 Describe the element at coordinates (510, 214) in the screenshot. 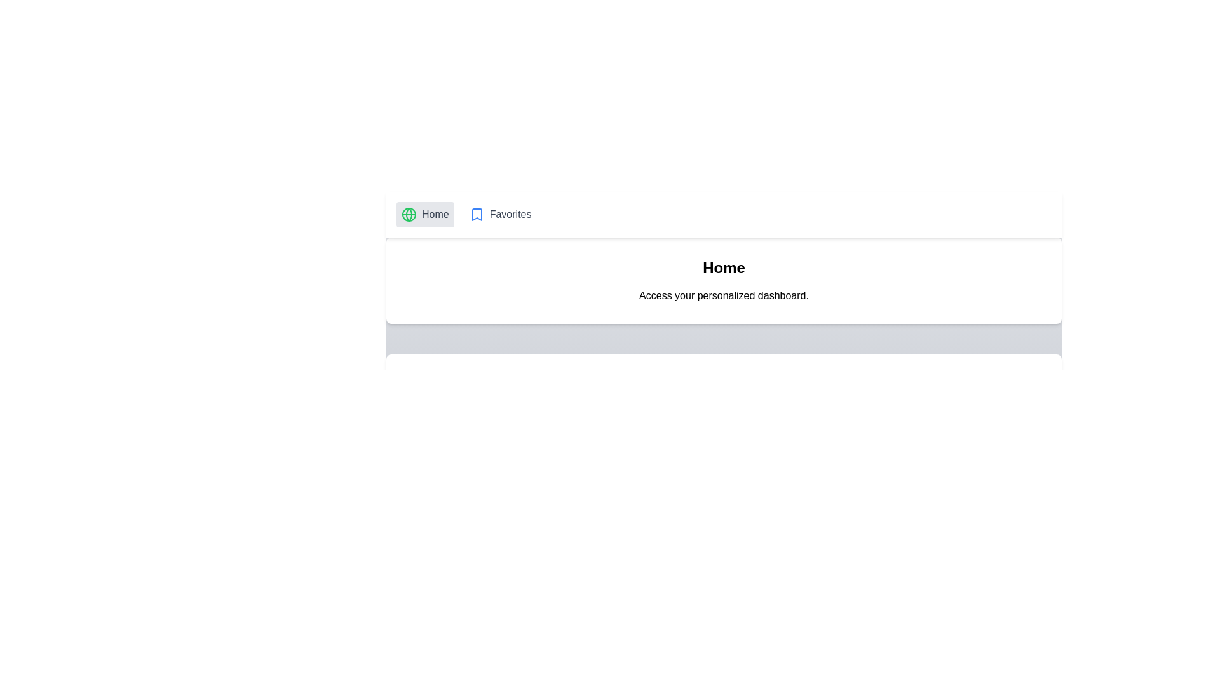

I see `the 'Favorites' hyperlink, which is styled in gray and located in the horizontal navigation section near the top of the interface` at that location.